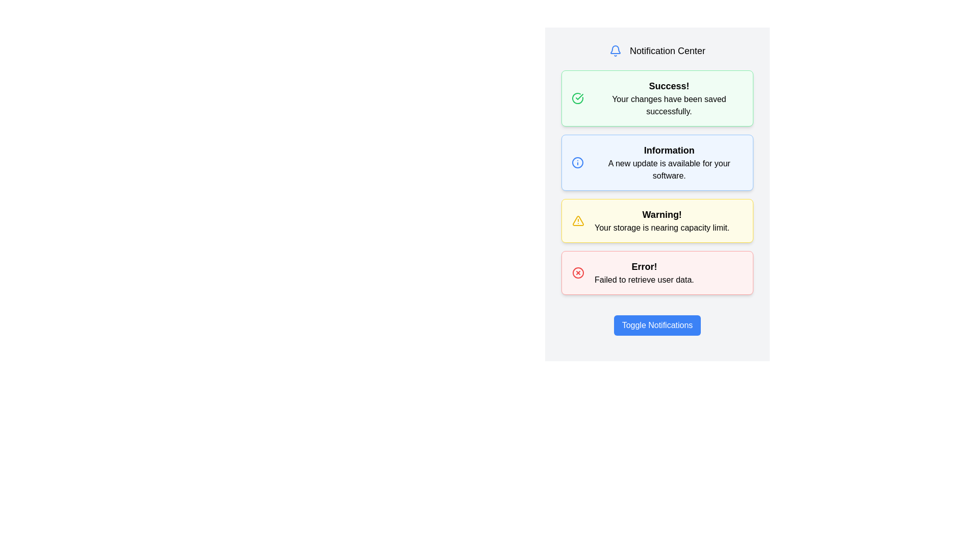 This screenshot has width=980, height=551. Describe the element at coordinates (644, 272) in the screenshot. I see `static text display component styled as a notification message that shows 'Error!' and 'Failed to retrieve user data.'` at that location.